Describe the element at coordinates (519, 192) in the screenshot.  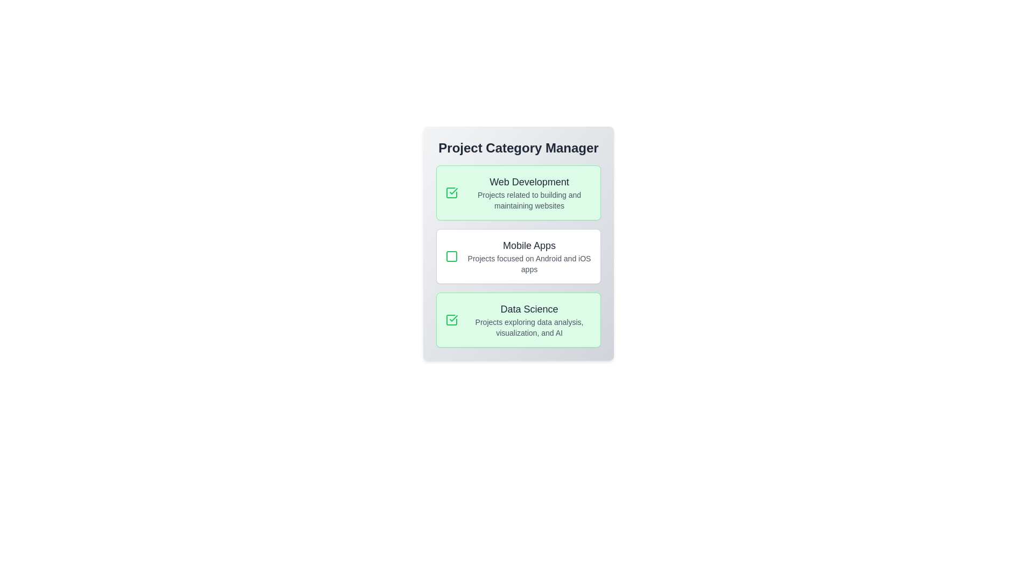
I see `the 'Web Development' category card in the Project Category Manager` at that location.